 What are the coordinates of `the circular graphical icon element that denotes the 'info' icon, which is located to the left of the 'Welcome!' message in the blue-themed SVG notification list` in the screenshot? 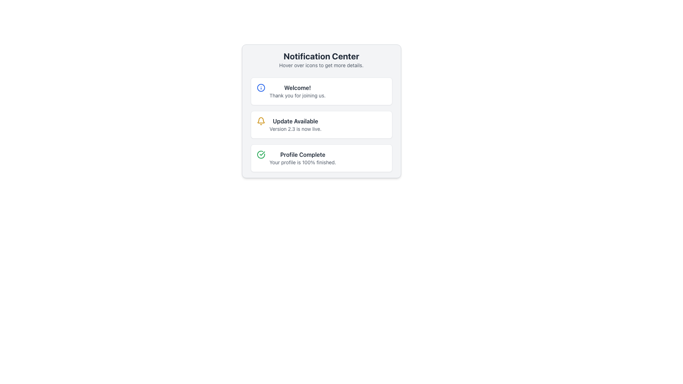 It's located at (260, 87).